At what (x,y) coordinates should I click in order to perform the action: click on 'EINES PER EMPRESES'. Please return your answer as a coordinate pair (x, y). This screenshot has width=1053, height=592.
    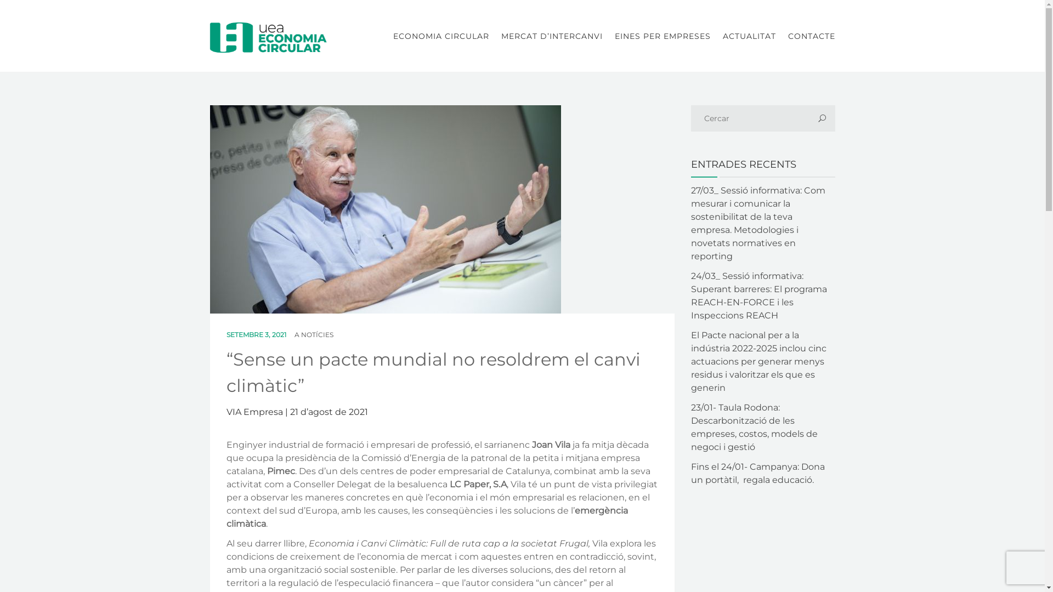
    Looking at the image, I should click on (662, 35).